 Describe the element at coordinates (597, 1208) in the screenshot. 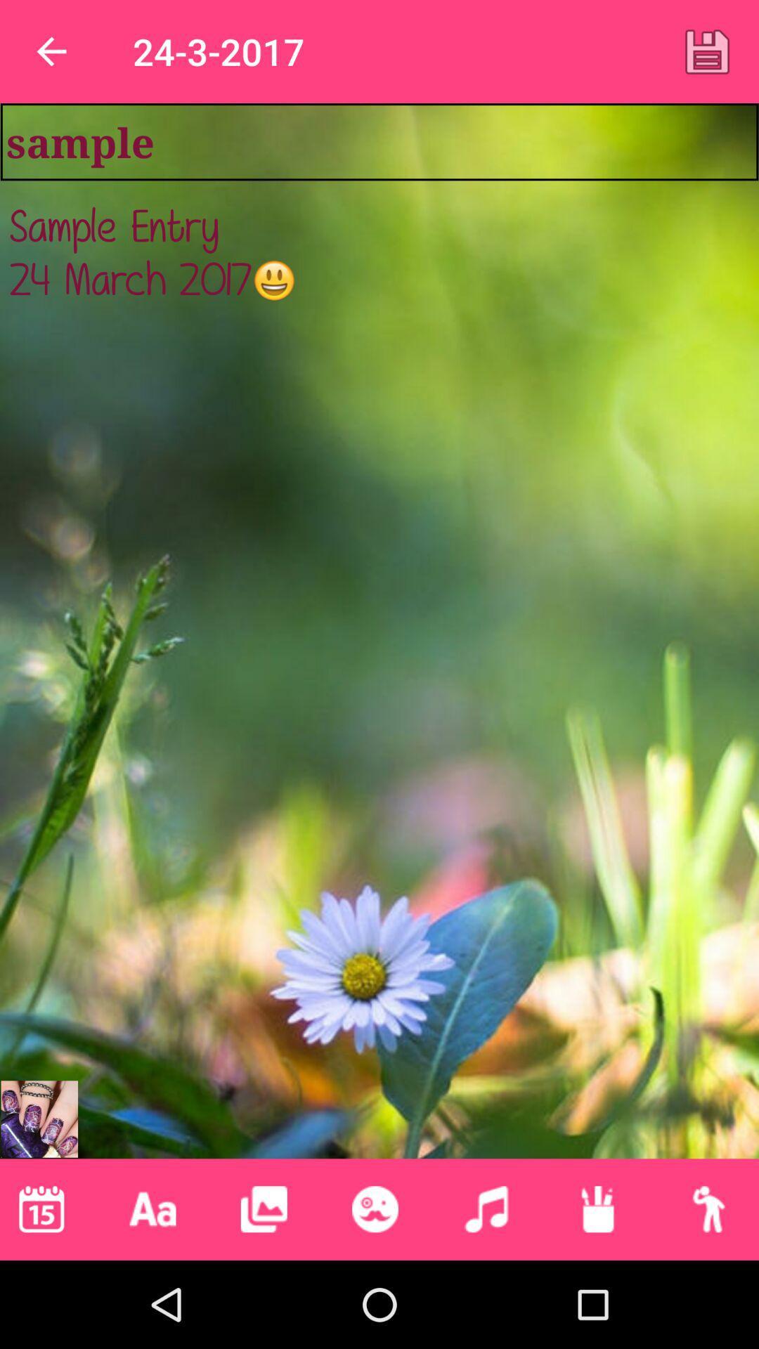

I see `the date_range icon` at that location.